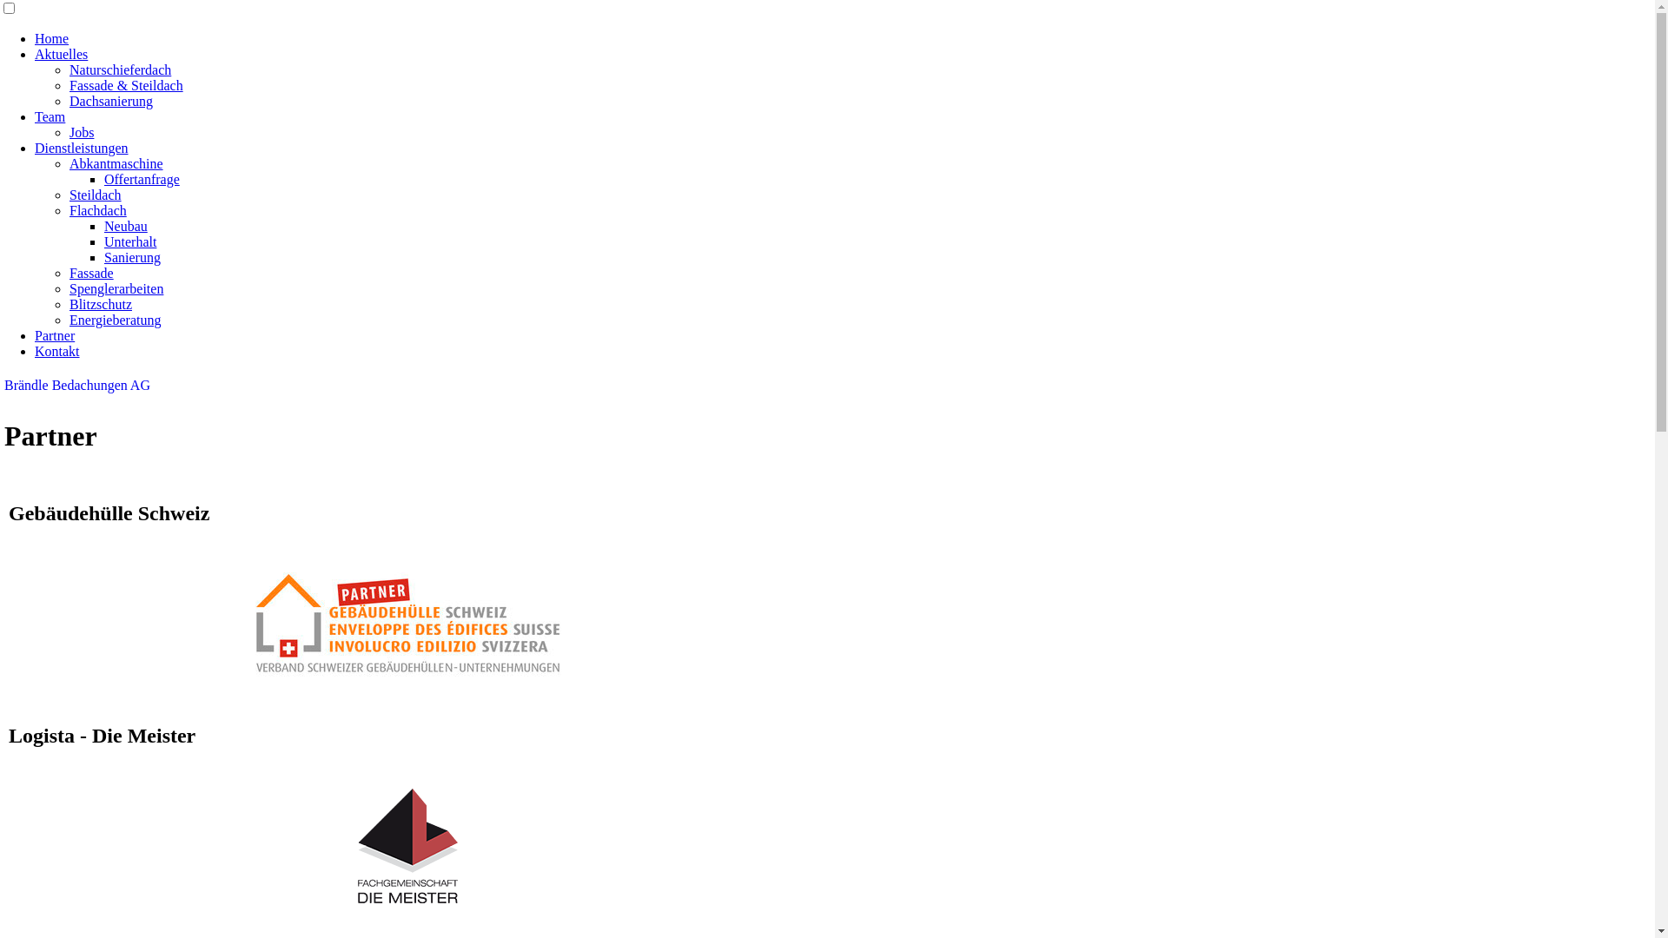  What do you see at coordinates (57, 351) in the screenshot?
I see `'Kontakt'` at bounding box center [57, 351].